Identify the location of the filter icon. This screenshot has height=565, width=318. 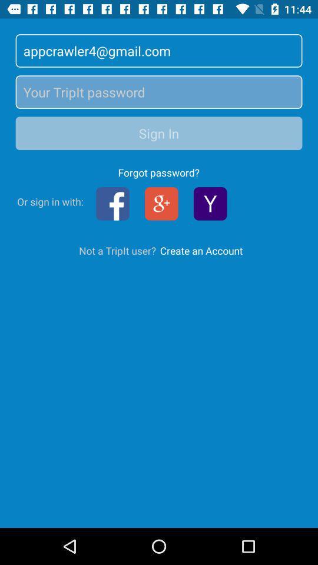
(210, 204).